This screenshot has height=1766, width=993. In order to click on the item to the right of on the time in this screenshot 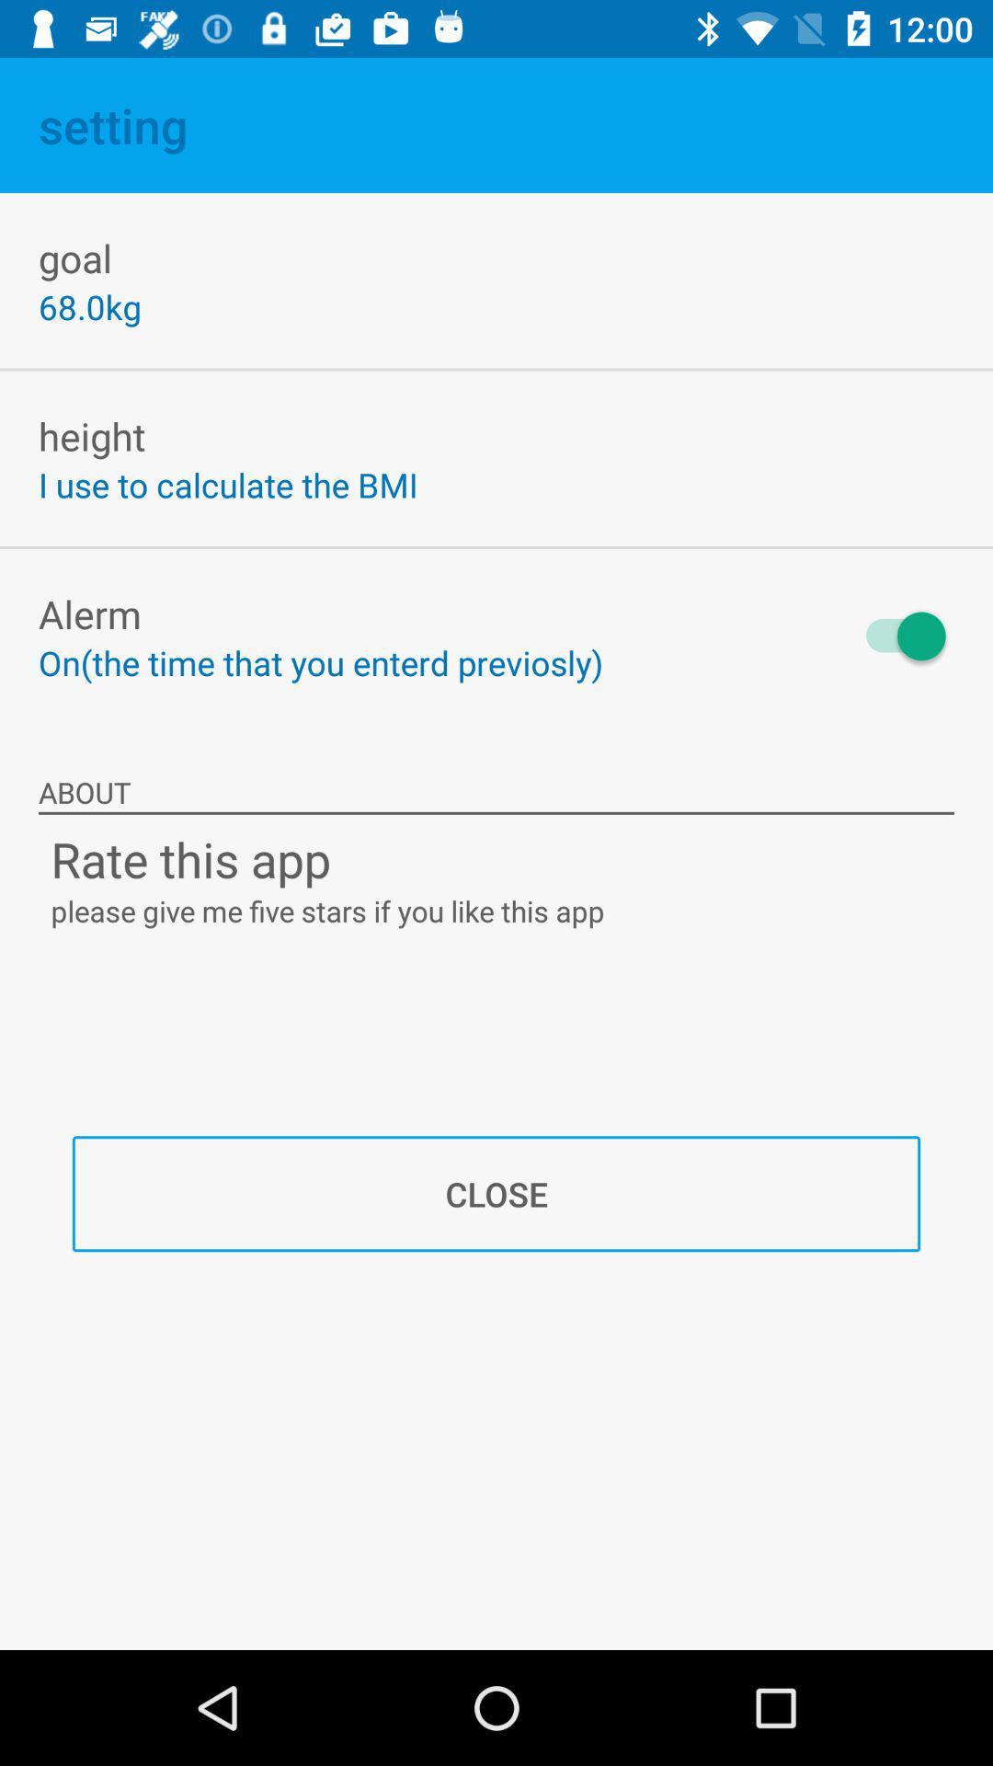, I will do `click(896, 636)`.